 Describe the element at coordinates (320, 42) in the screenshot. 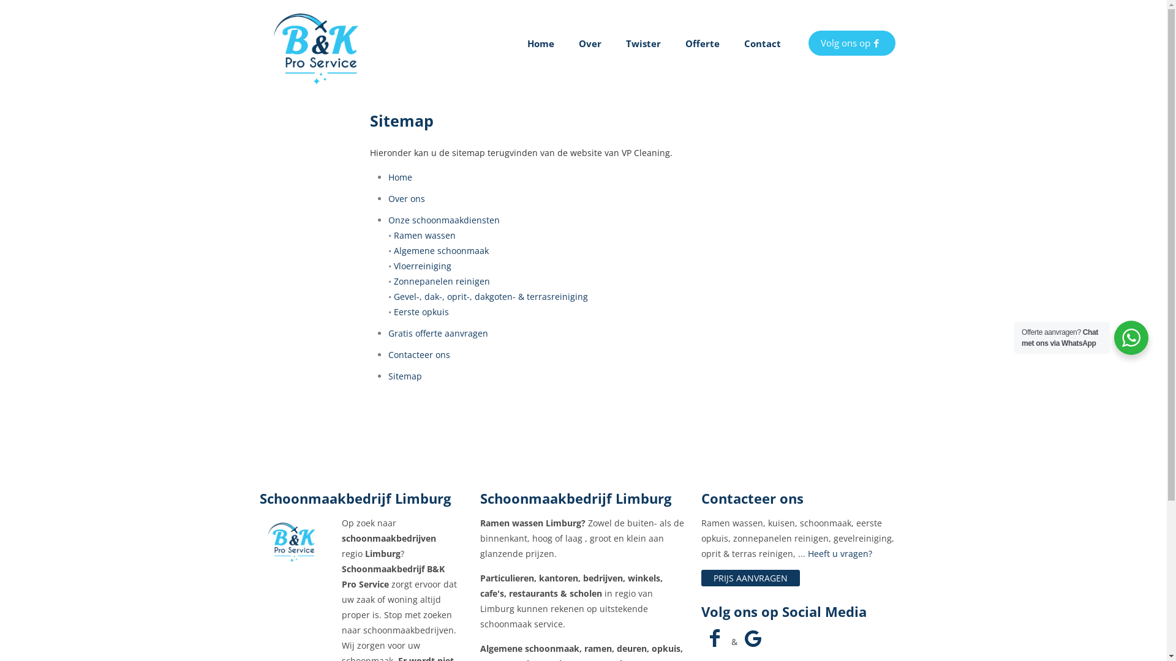

I see `'B&K Pro Service'` at that location.